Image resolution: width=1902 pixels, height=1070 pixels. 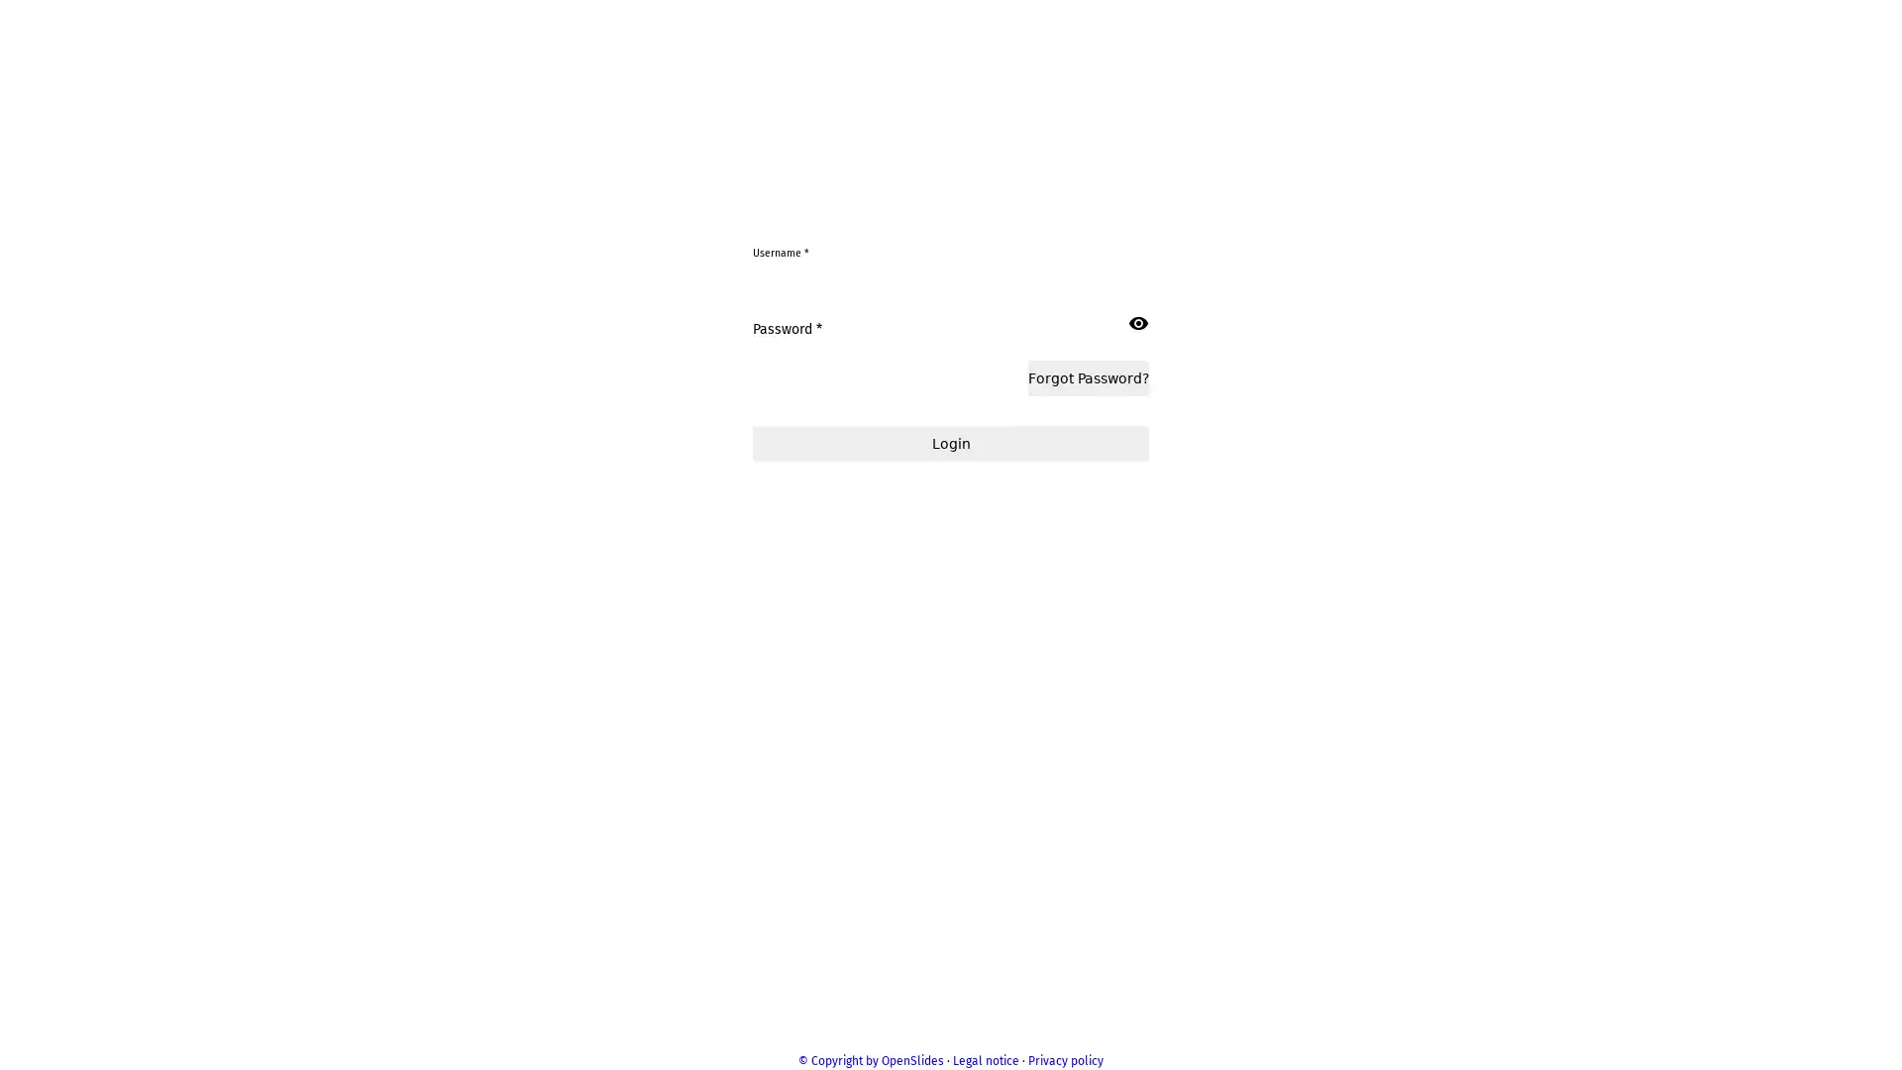 What do you see at coordinates (1092, 557) in the screenshot?
I see `Forgot Password?` at bounding box center [1092, 557].